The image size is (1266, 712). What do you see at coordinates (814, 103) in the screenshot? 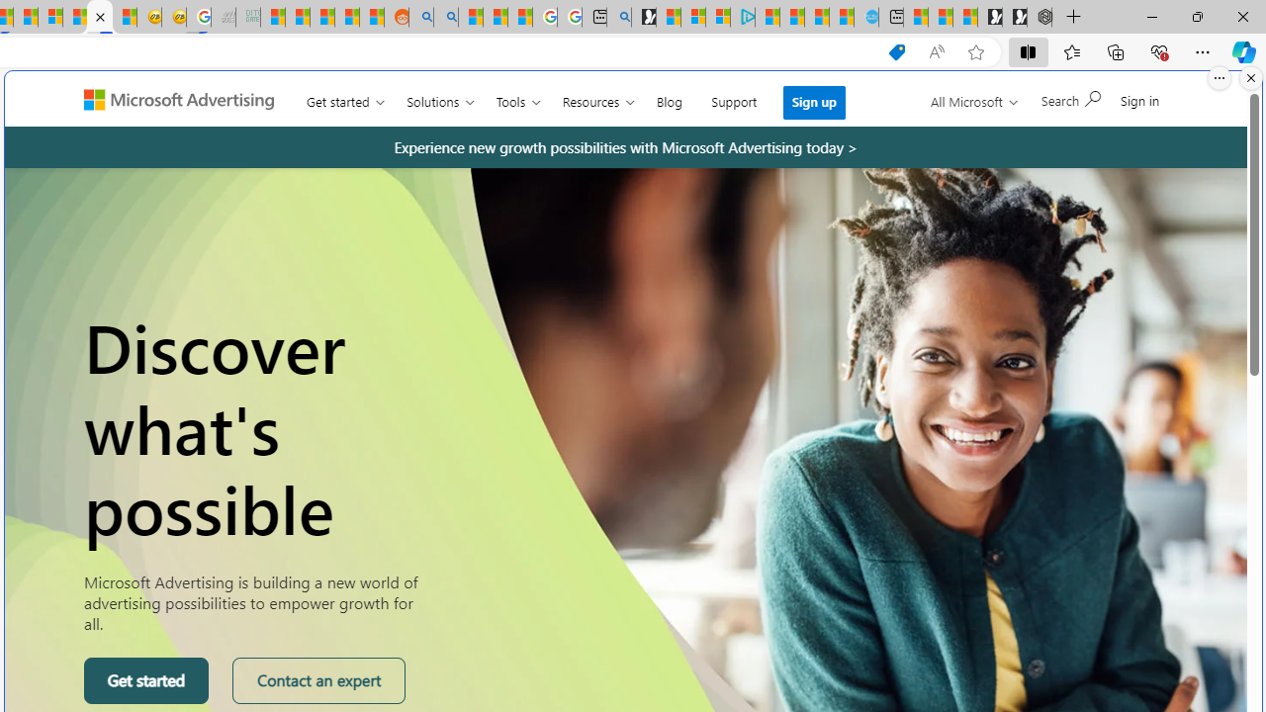
I see `'Sign up'` at bounding box center [814, 103].